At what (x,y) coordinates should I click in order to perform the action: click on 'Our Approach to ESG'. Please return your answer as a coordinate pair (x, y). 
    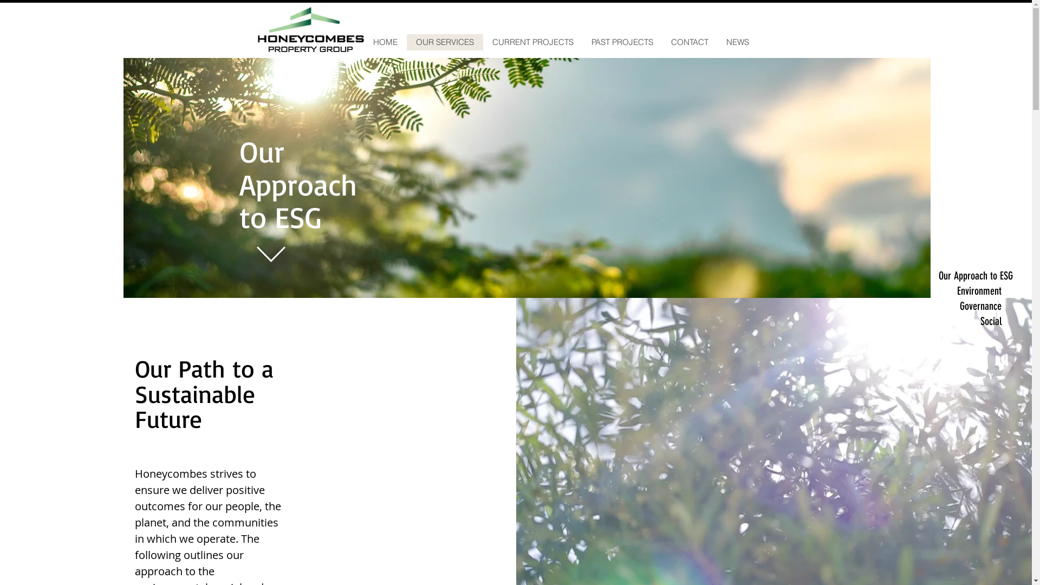
    Looking at the image, I should click on (938, 275).